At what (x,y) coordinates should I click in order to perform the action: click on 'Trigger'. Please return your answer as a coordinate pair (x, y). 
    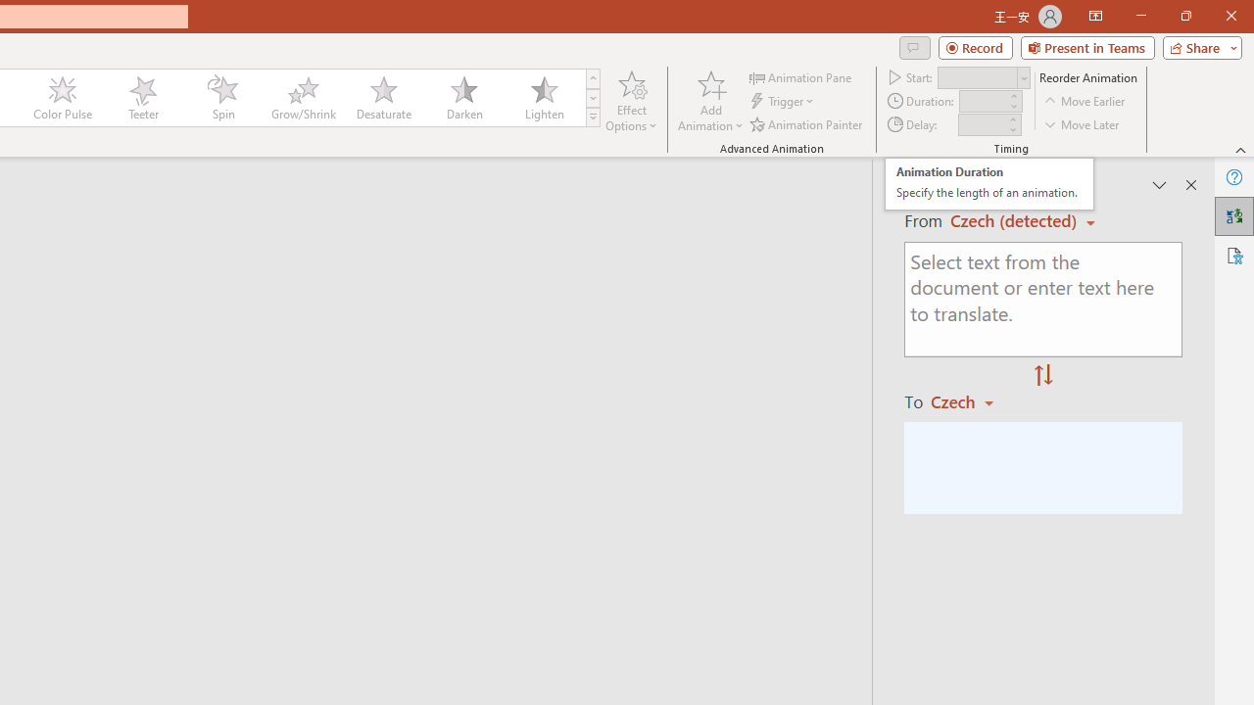
    Looking at the image, I should click on (784, 101).